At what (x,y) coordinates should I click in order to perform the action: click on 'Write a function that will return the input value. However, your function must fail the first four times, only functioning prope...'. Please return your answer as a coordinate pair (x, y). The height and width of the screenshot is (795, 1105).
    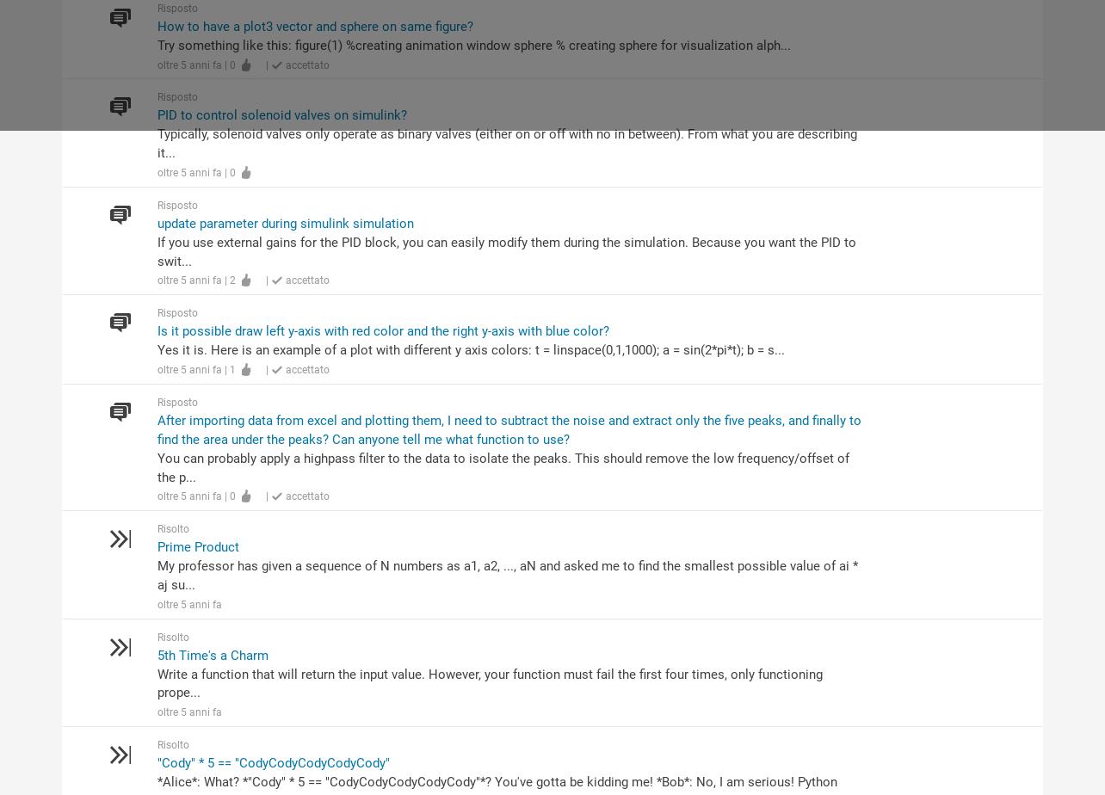
    Looking at the image, I should click on (488, 682).